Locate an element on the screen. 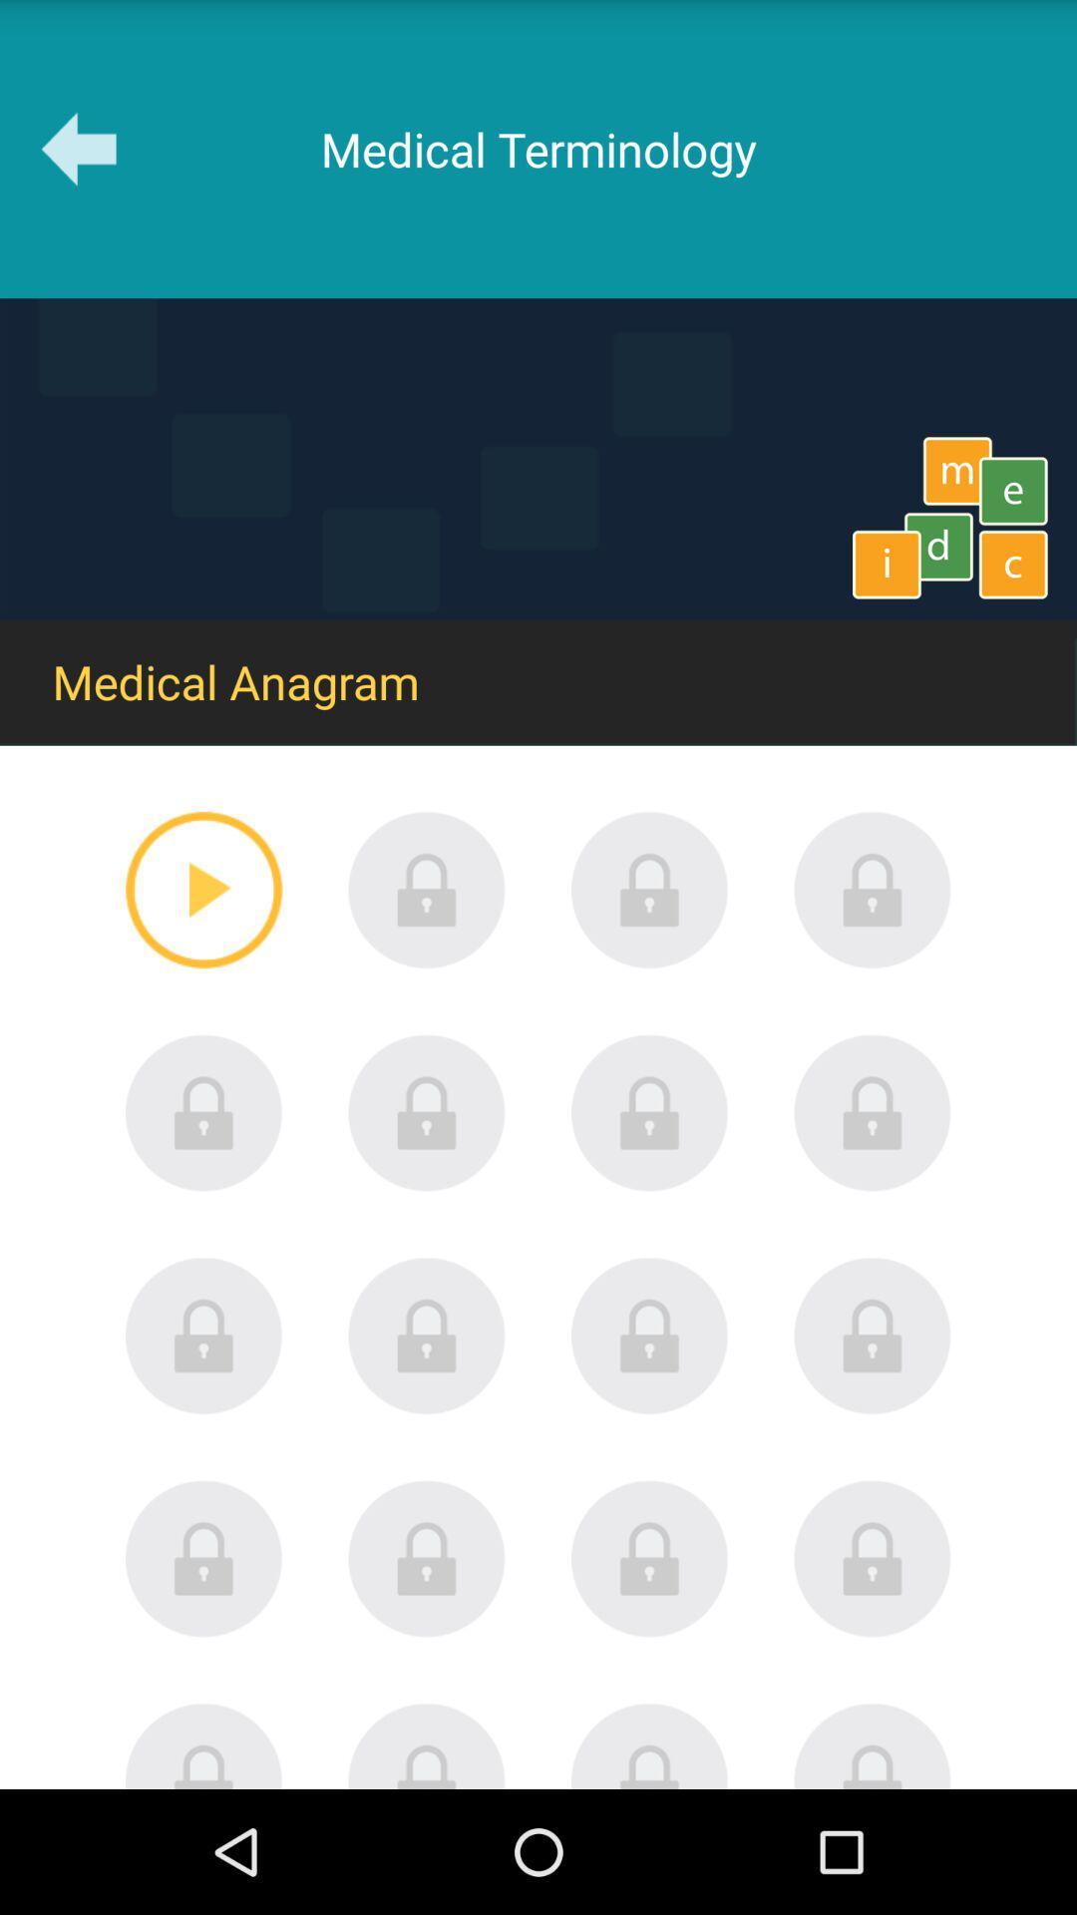 Image resolution: width=1077 pixels, height=1915 pixels. play is located at coordinates (203, 889).